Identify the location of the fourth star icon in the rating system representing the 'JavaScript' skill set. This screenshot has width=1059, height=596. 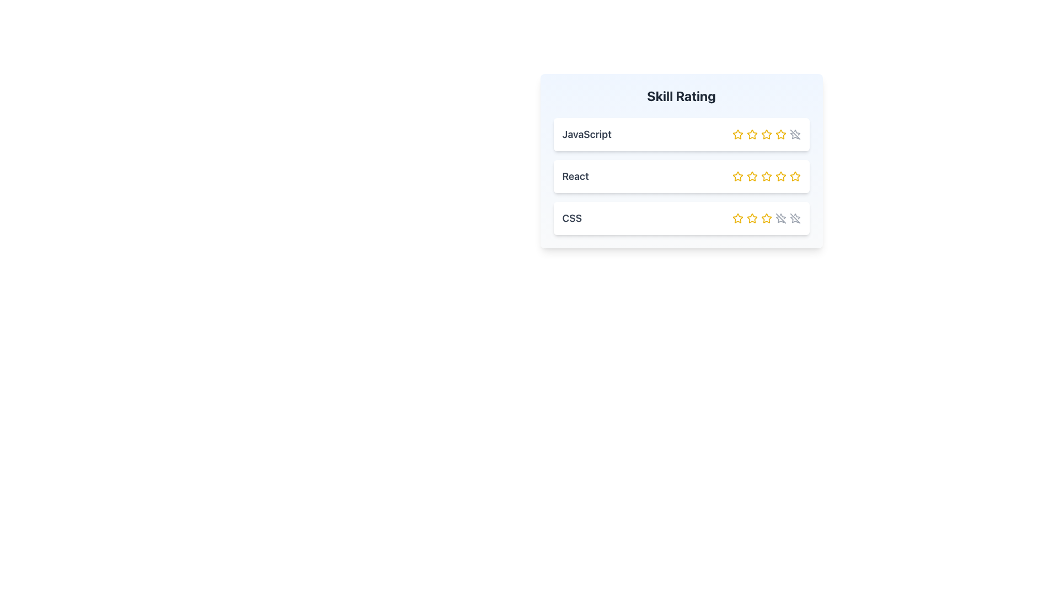
(780, 134).